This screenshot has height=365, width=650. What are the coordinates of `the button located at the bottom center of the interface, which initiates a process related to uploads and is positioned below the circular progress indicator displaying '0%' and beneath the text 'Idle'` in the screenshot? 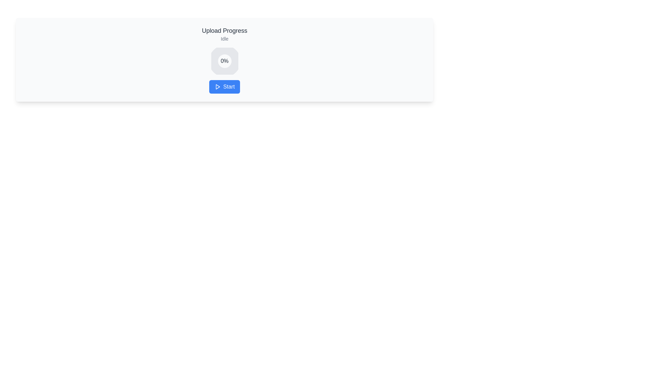 It's located at (224, 87).